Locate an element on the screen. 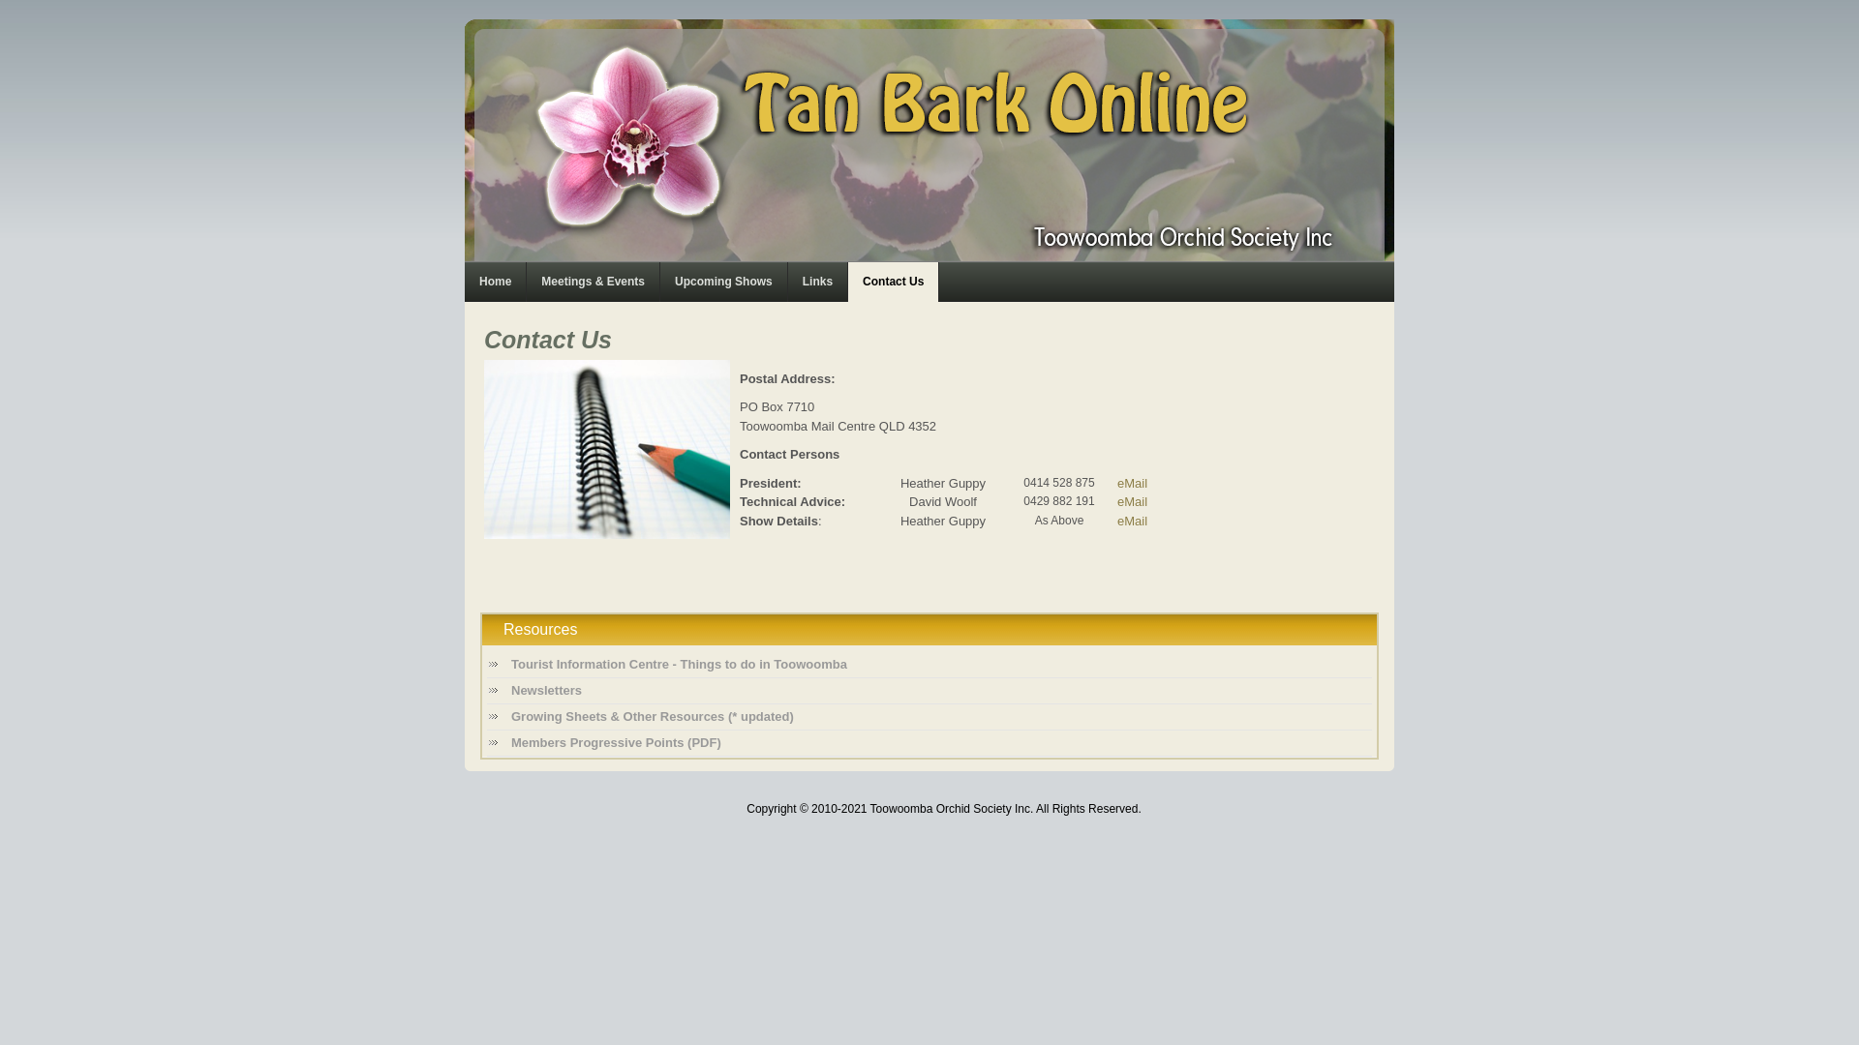 This screenshot has height=1045, width=1859. 'poker joomla template' is located at coordinates (471, 764).